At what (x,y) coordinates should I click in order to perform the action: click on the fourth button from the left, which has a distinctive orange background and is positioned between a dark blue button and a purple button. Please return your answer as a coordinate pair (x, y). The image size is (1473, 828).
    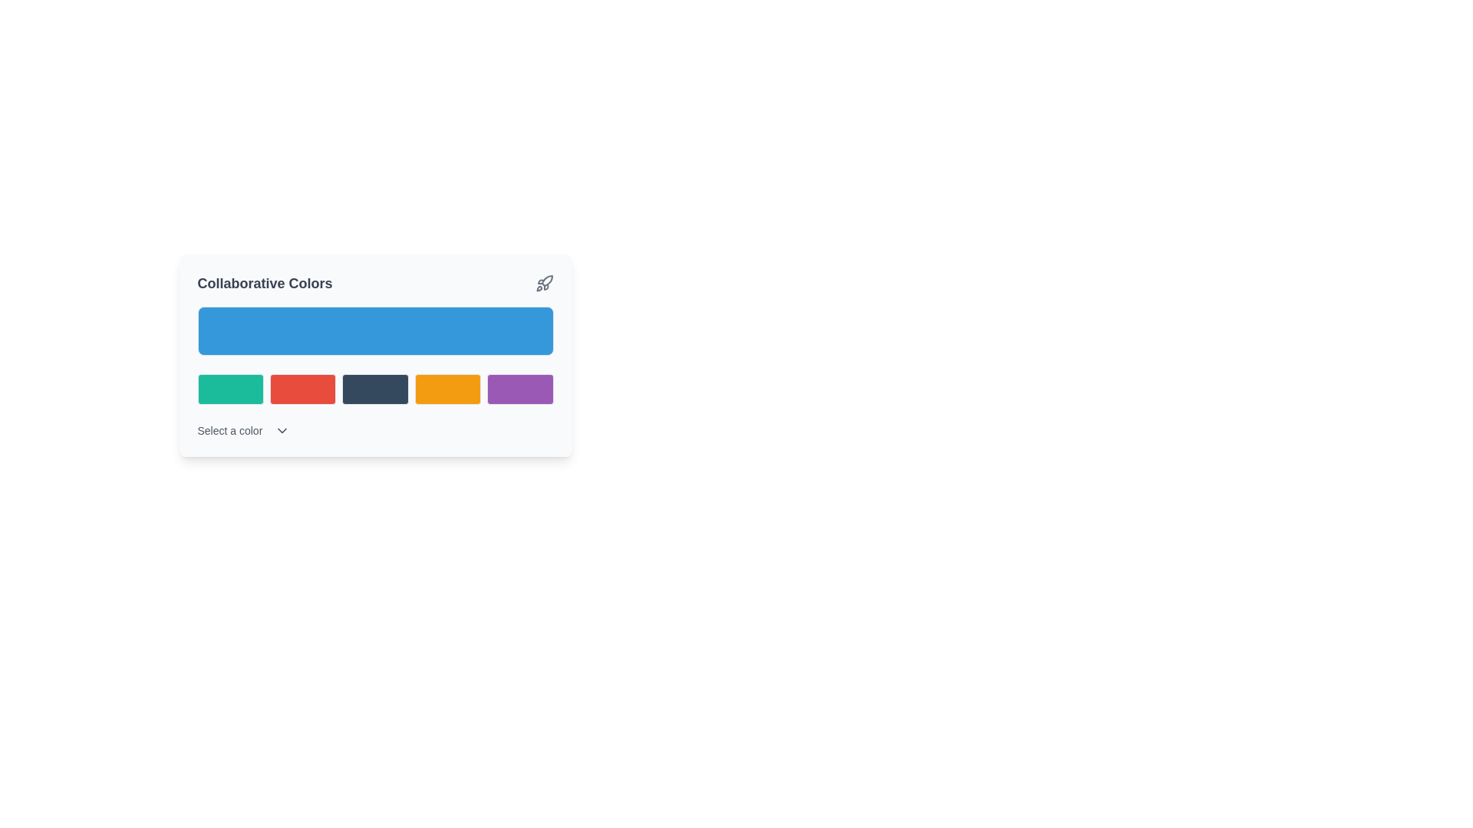
    Looking at the image, I should click on (447, 389).